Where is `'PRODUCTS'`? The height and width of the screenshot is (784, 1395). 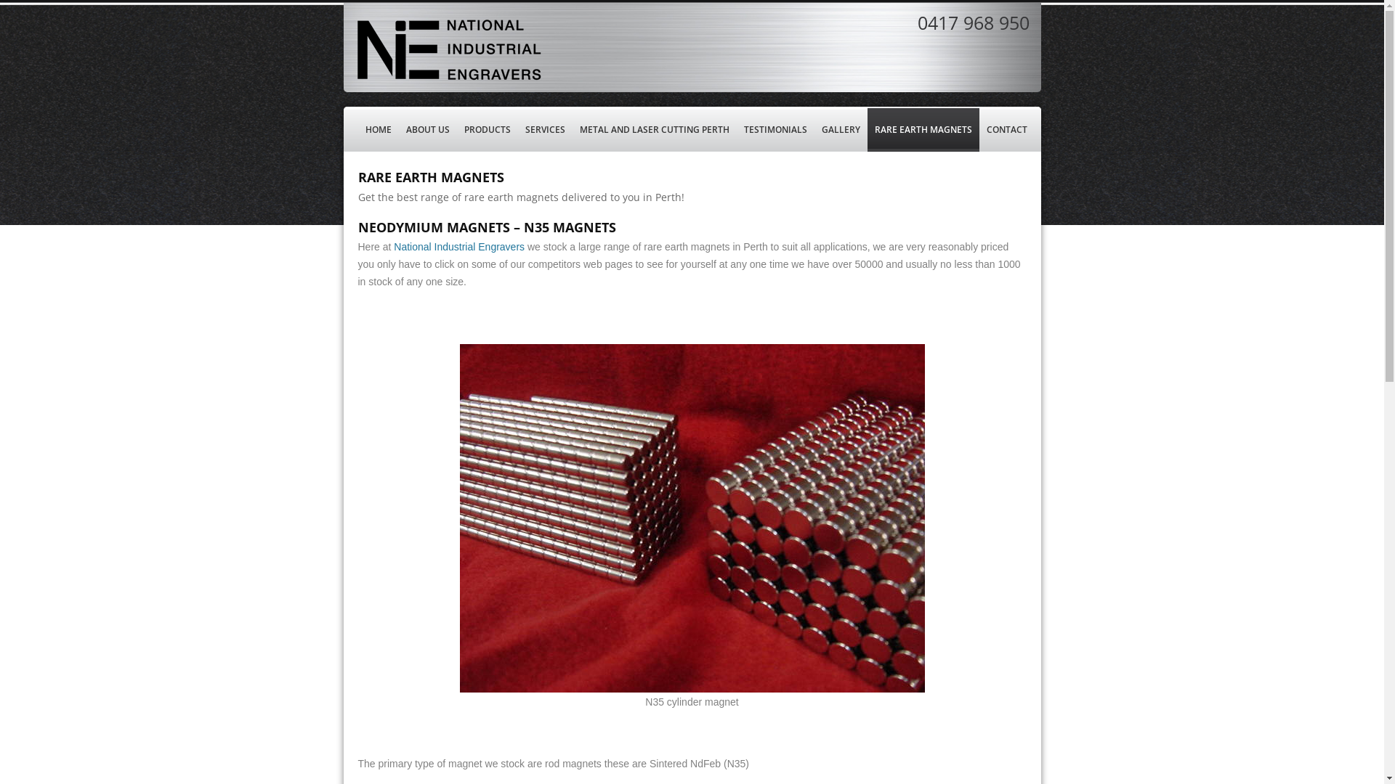 'PRODUCTS' is located at coordinates (487, 128).